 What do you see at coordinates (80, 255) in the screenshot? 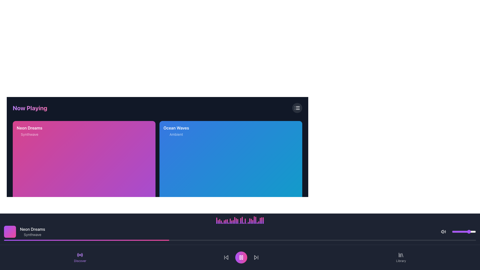
I see `the 'Discover' icon located at the bottom navigation bar` at bounding box center [80, 255].